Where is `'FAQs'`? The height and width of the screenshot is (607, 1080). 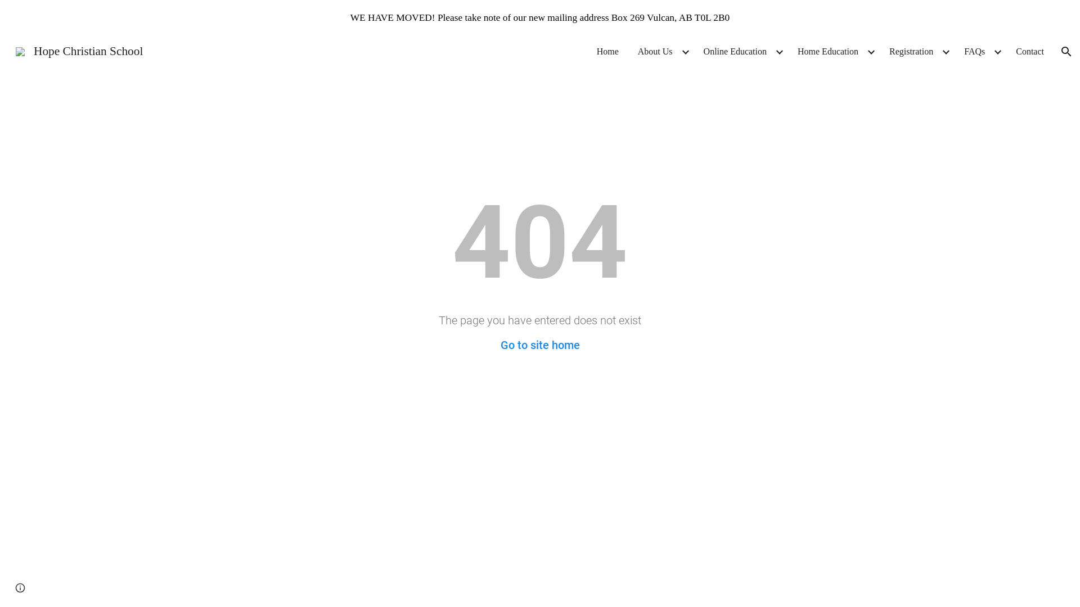 'FAQs' is located at coordinates (958, 52).